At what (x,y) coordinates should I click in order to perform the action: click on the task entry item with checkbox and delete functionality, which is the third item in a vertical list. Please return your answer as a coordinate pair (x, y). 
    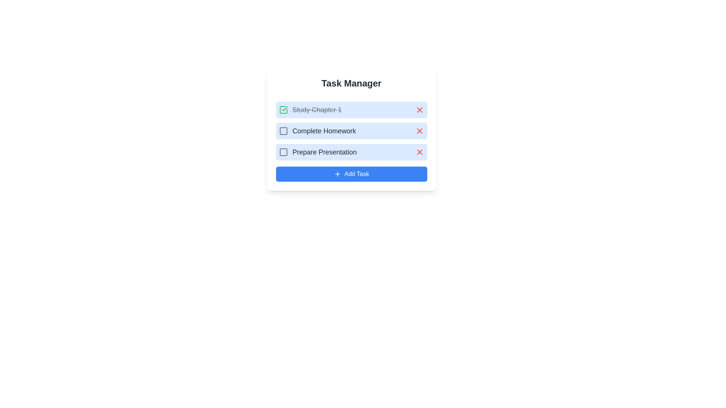
    Looking at the image, I should click on (351, 152).